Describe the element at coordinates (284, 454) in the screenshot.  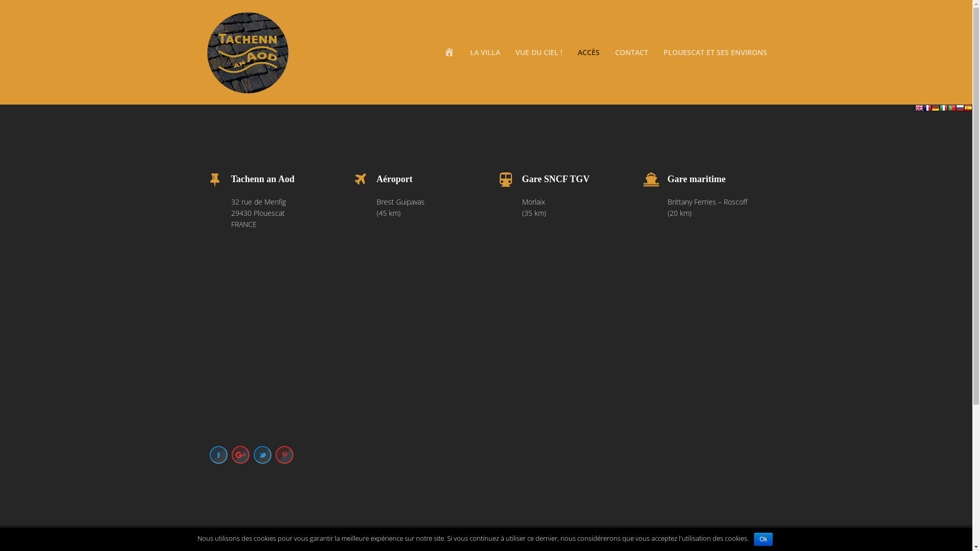
I see `'Pinterest'` at that location.